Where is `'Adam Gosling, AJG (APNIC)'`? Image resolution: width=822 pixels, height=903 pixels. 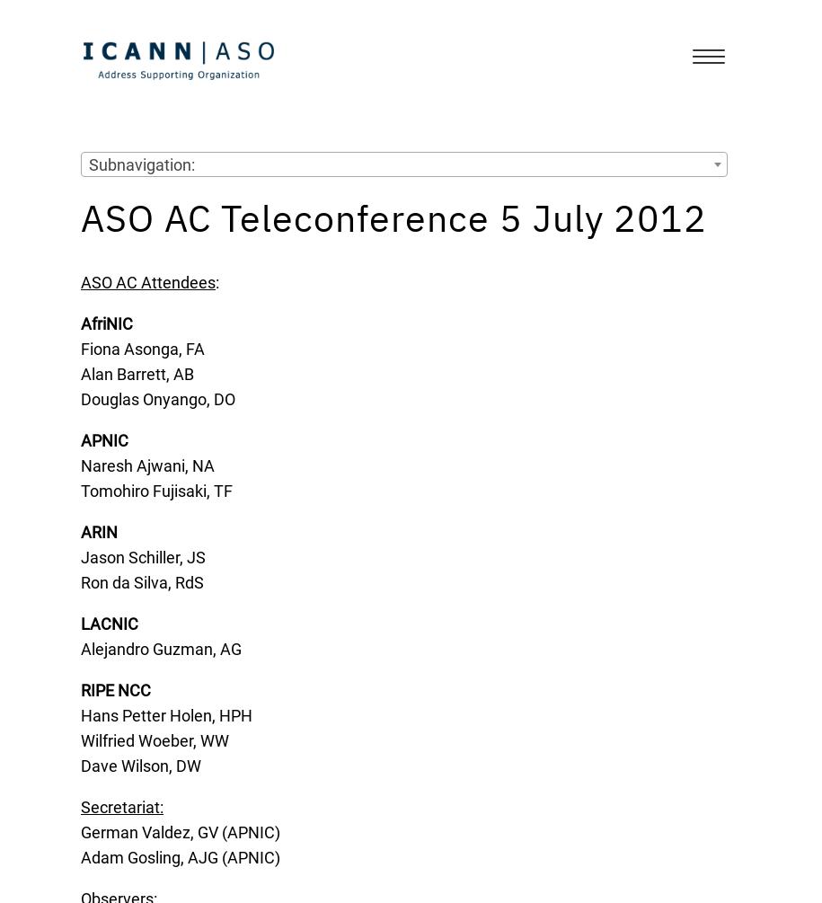
'Adam Gosling, AJG (APNIC)' is located at coordinates (180, 856).